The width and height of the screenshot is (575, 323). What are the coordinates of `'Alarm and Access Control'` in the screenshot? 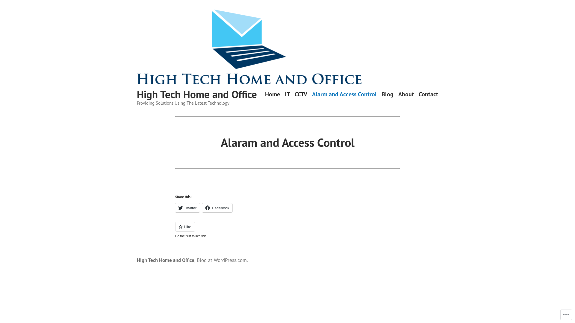 It's located at (344, 94).